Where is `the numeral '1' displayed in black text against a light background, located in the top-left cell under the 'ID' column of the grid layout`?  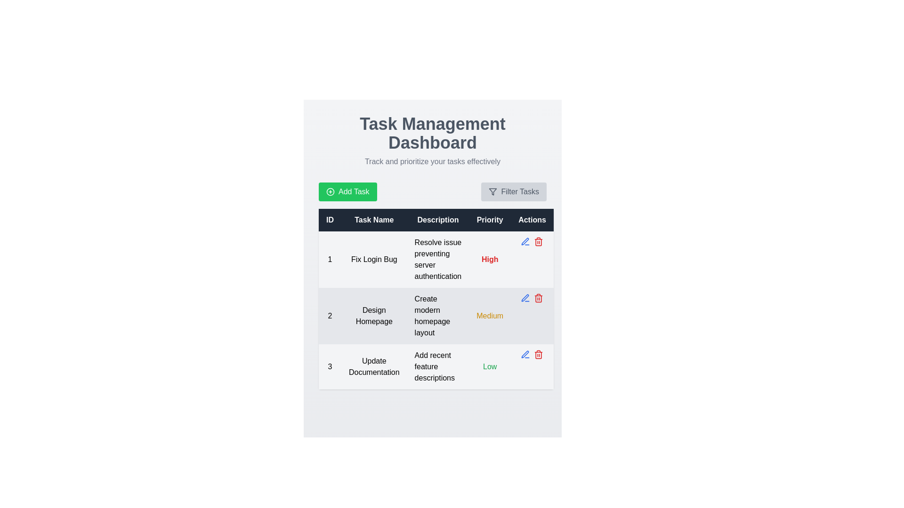 the numeral '1' displayed in black text against a light background, located in the top-left cell under the 'ID' column of the grid layout is located at coordinates (330, 259).